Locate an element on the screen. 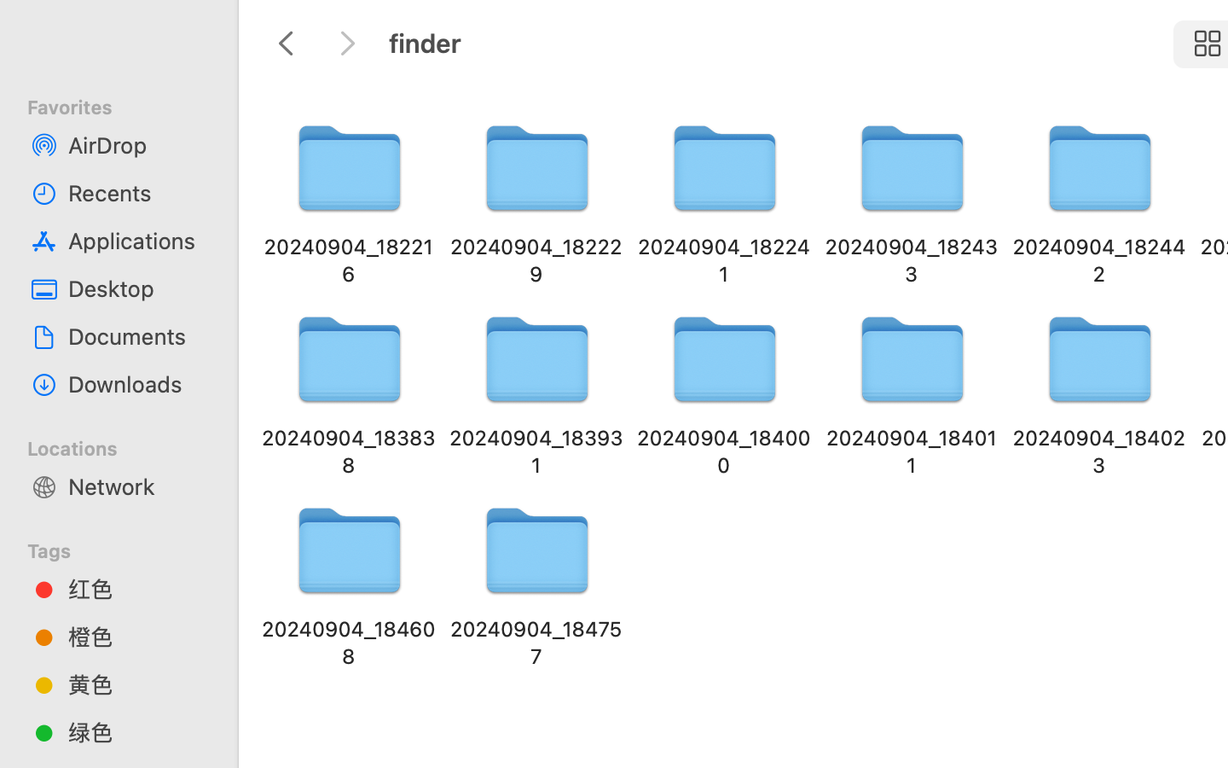  'Recents' is located at coordinates (136, 192).